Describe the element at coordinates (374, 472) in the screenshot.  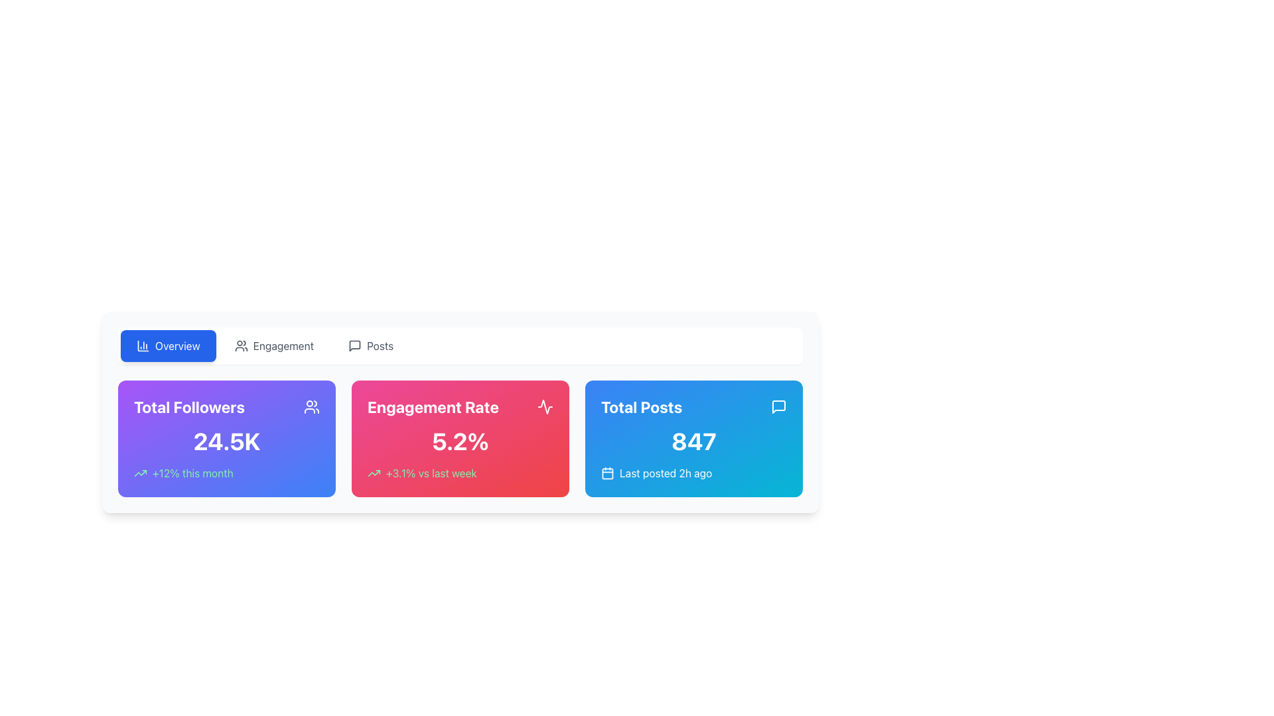
I see `the upward trend icon located in the 'Engagement Rate' card, positioned to the left of the text '+3.1% vs last week'` at that location.